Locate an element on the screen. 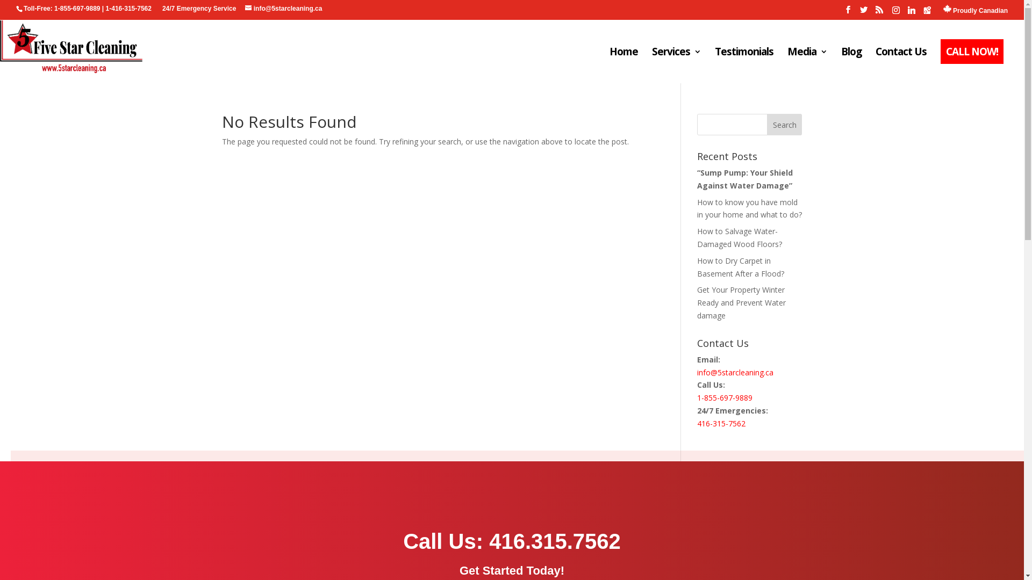  'How to Dry Carpet in Basement After a Flood?' is located at coordinates (697, 266).